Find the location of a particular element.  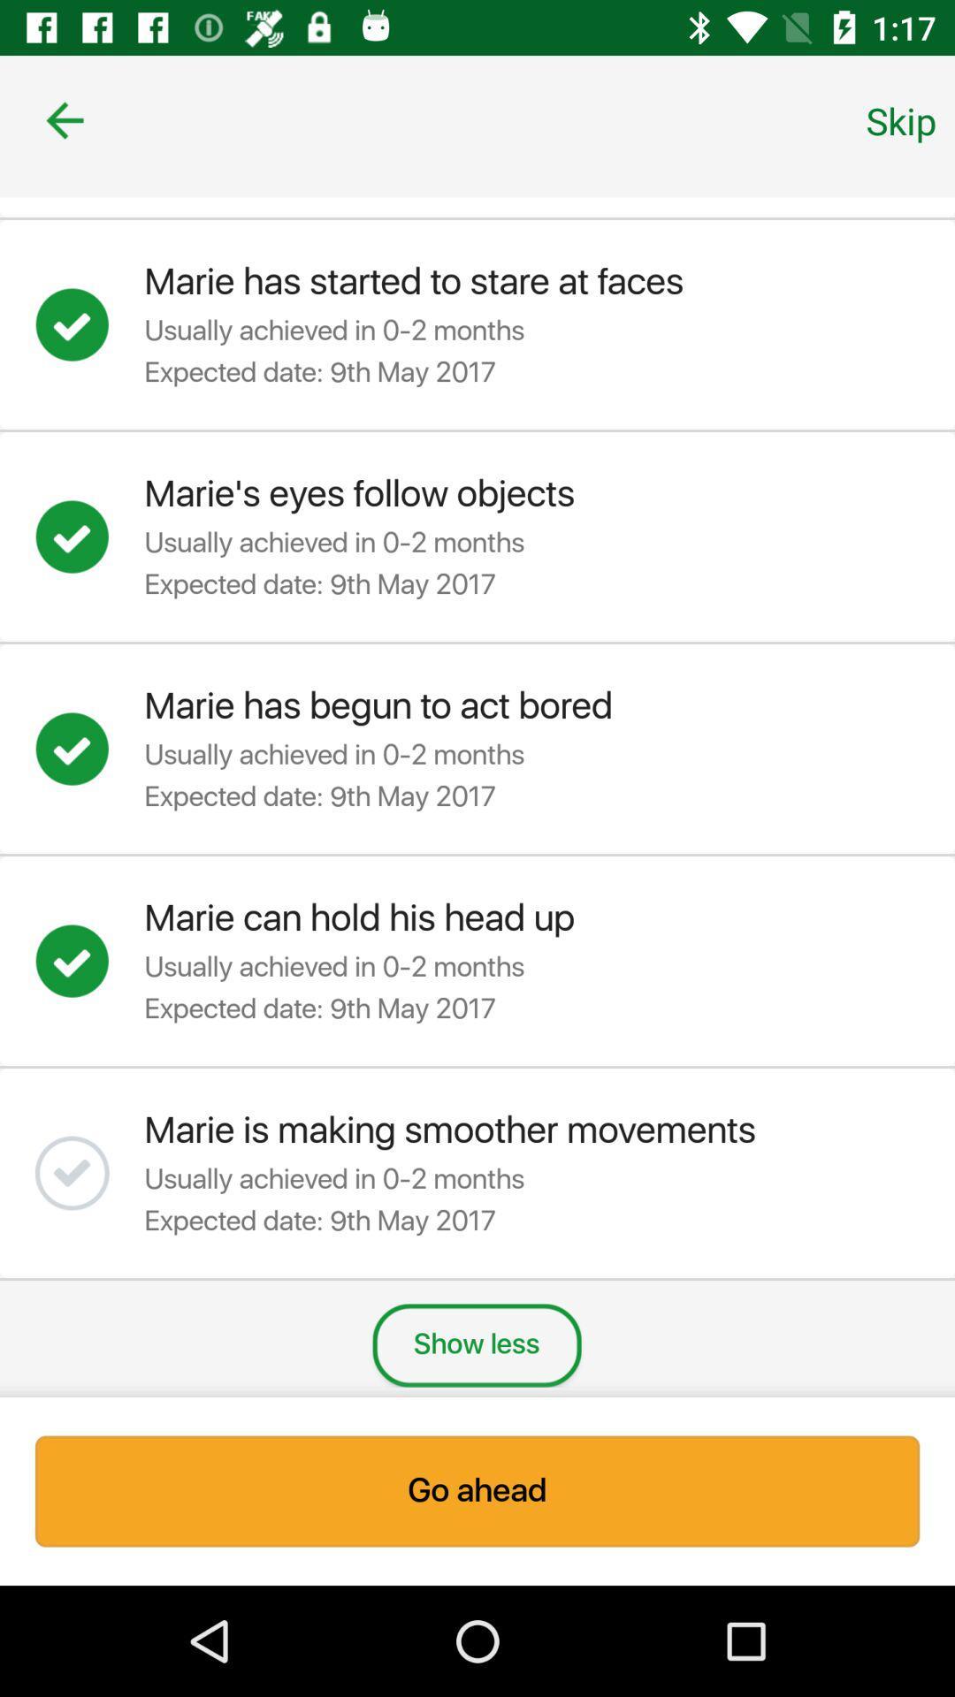

item above go ahead icon is located at coordinates (901, 119).